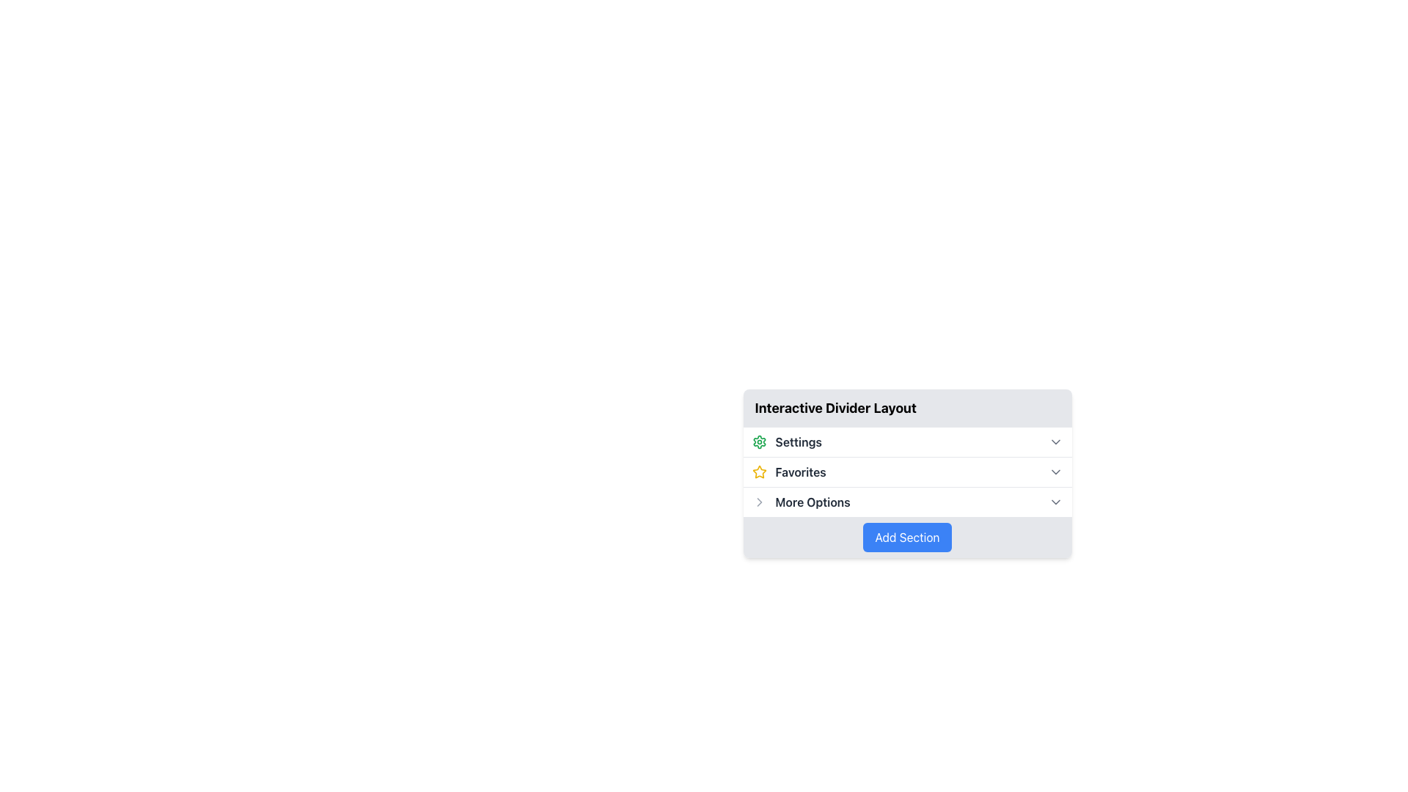  Describe the element at coordinates (759, 472) in the screenshot. I see `the appearance of the yellow star-shaped icon located to the left of the 'Favorites' label in the middle section of the menu` at that location.